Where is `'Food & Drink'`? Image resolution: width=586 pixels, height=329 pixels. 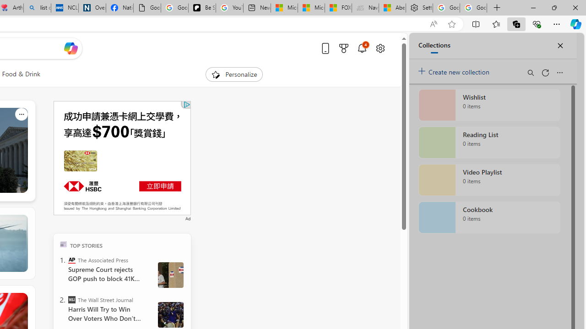 'Food & Drink' is located at coordinates (21, 74).